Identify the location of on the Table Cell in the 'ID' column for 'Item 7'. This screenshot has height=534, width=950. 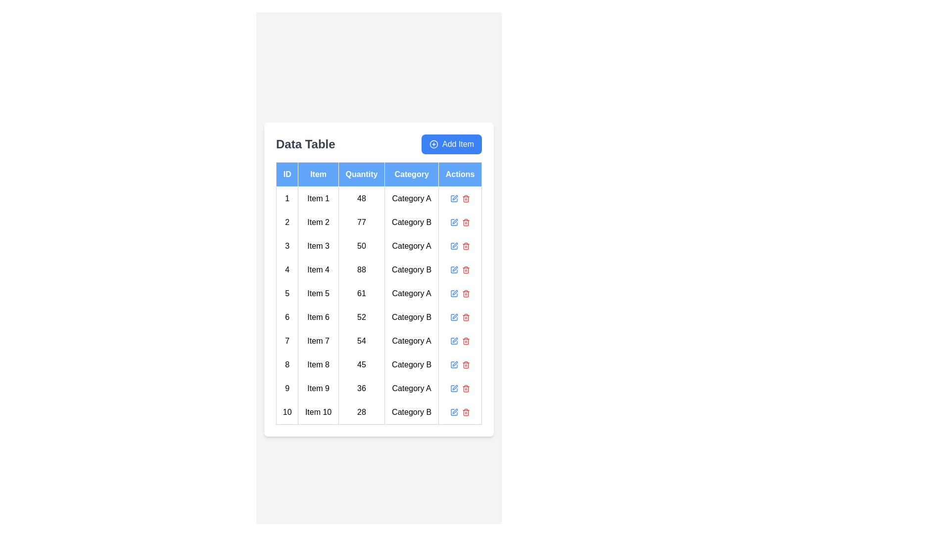
(286, 340).